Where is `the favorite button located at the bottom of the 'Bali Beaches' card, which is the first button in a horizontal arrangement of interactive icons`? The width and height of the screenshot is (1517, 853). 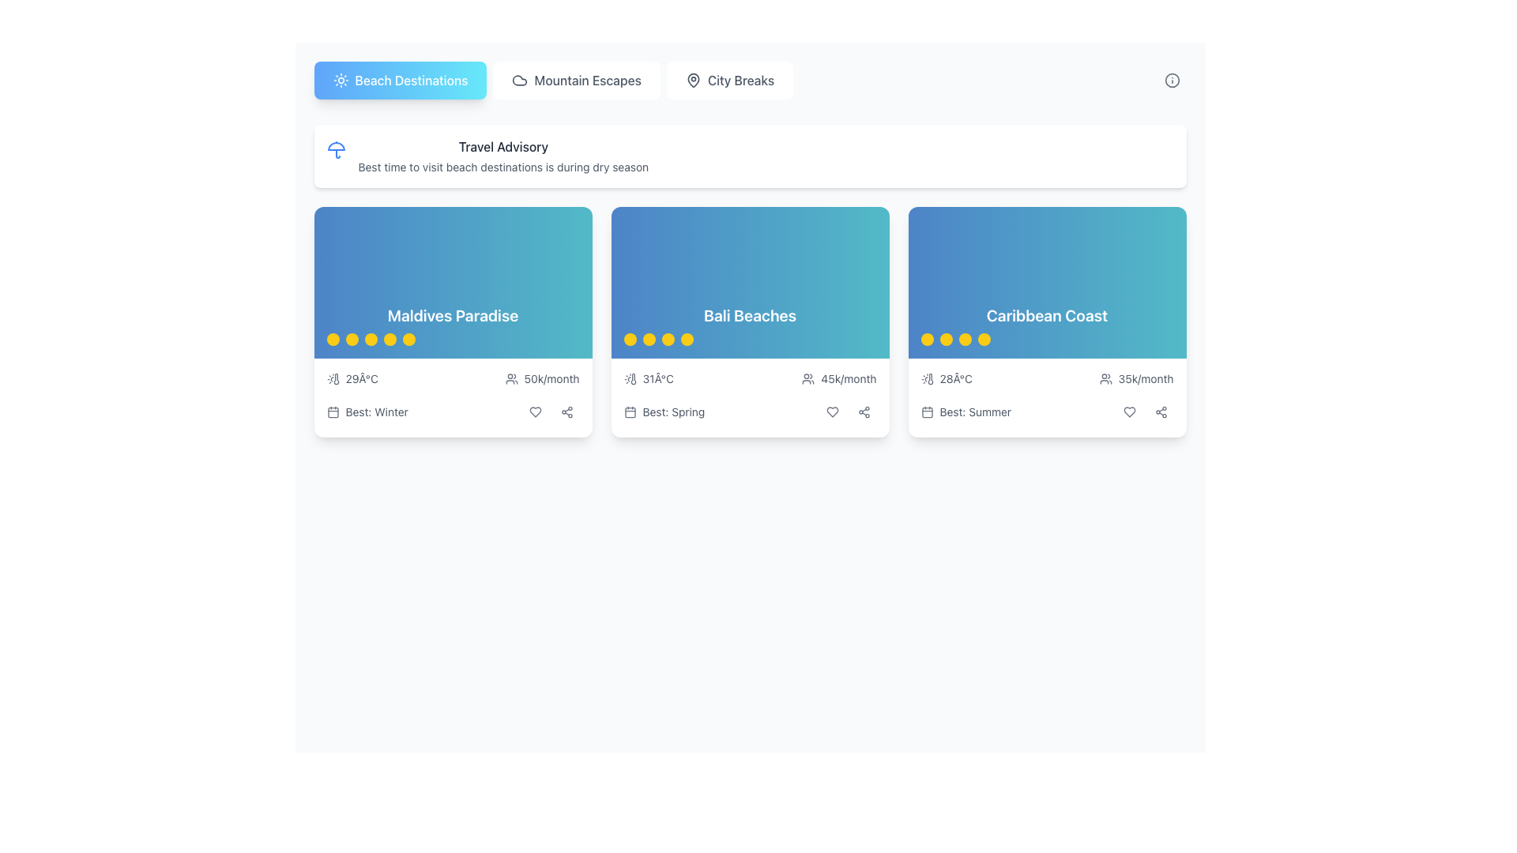 the favorite button located at the bottom of the 'Bali Beaches' card, which is the first button in a horizontal arrangement of interactive icons is located at coordinates (831, 411).